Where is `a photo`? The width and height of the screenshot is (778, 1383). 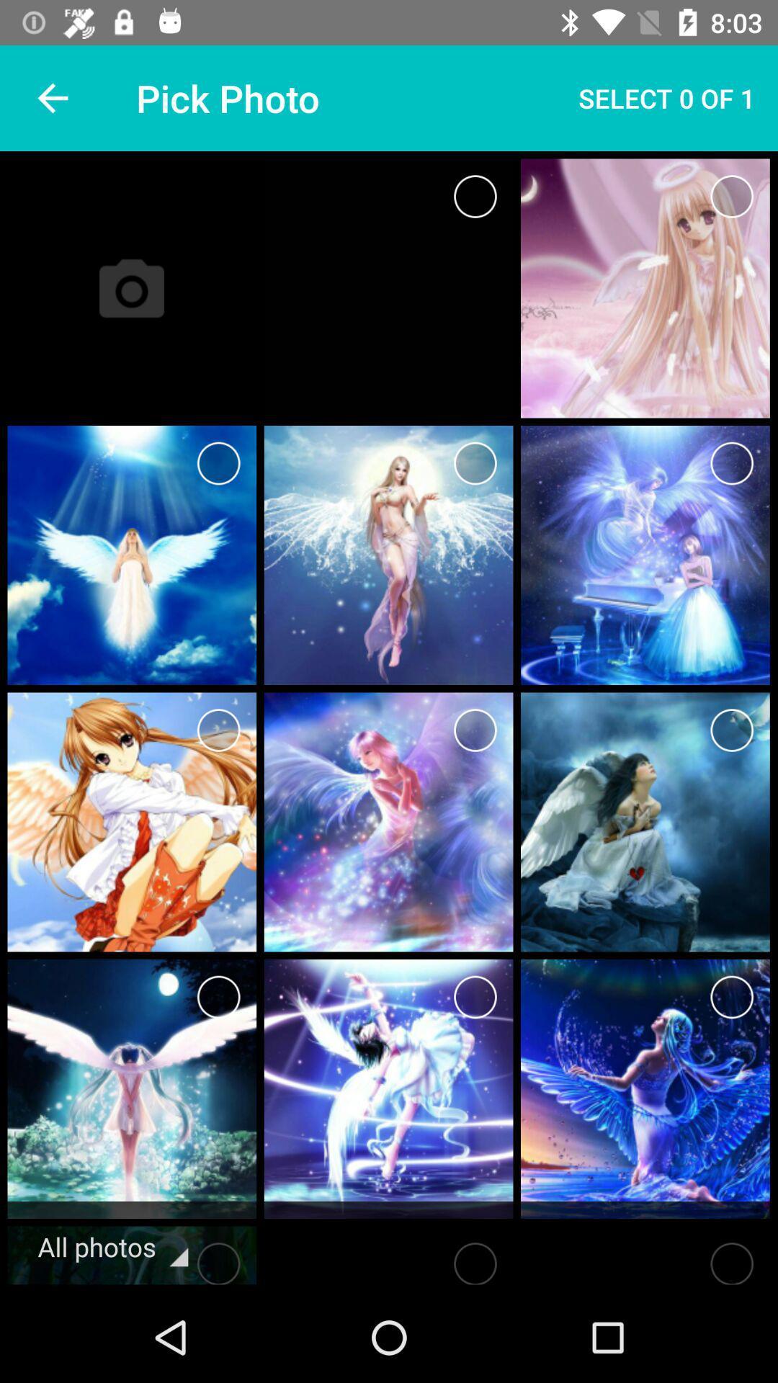
a photo is located at coordinates (732, 196).